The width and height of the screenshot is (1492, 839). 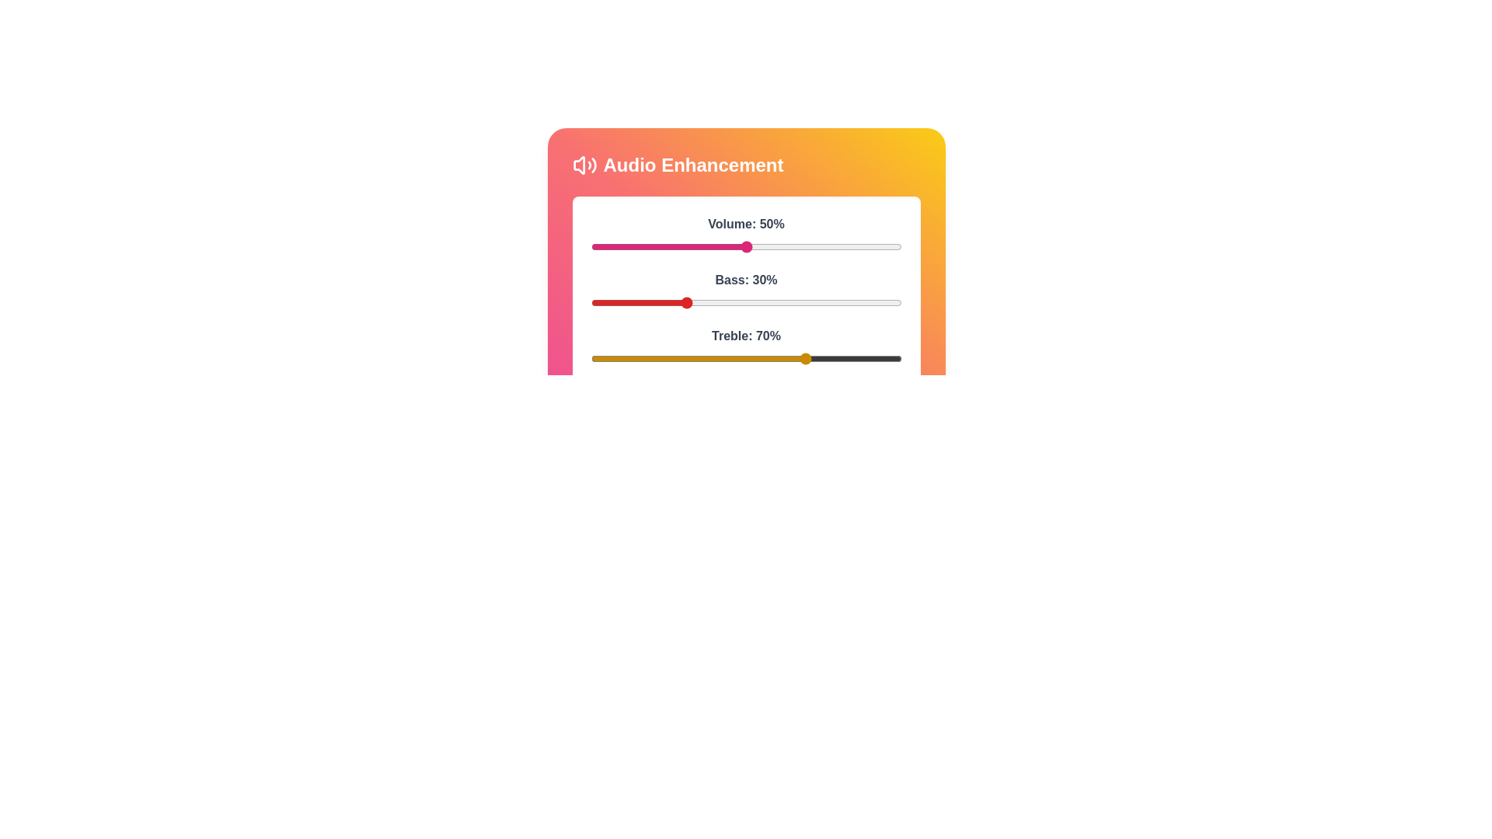 I want to click on the 'Audio Enhancement' icon located at the top-left corner of the 'Audio Enhancement' section, which serves as a visual identifier for the feature, so click(x=584, y=165).